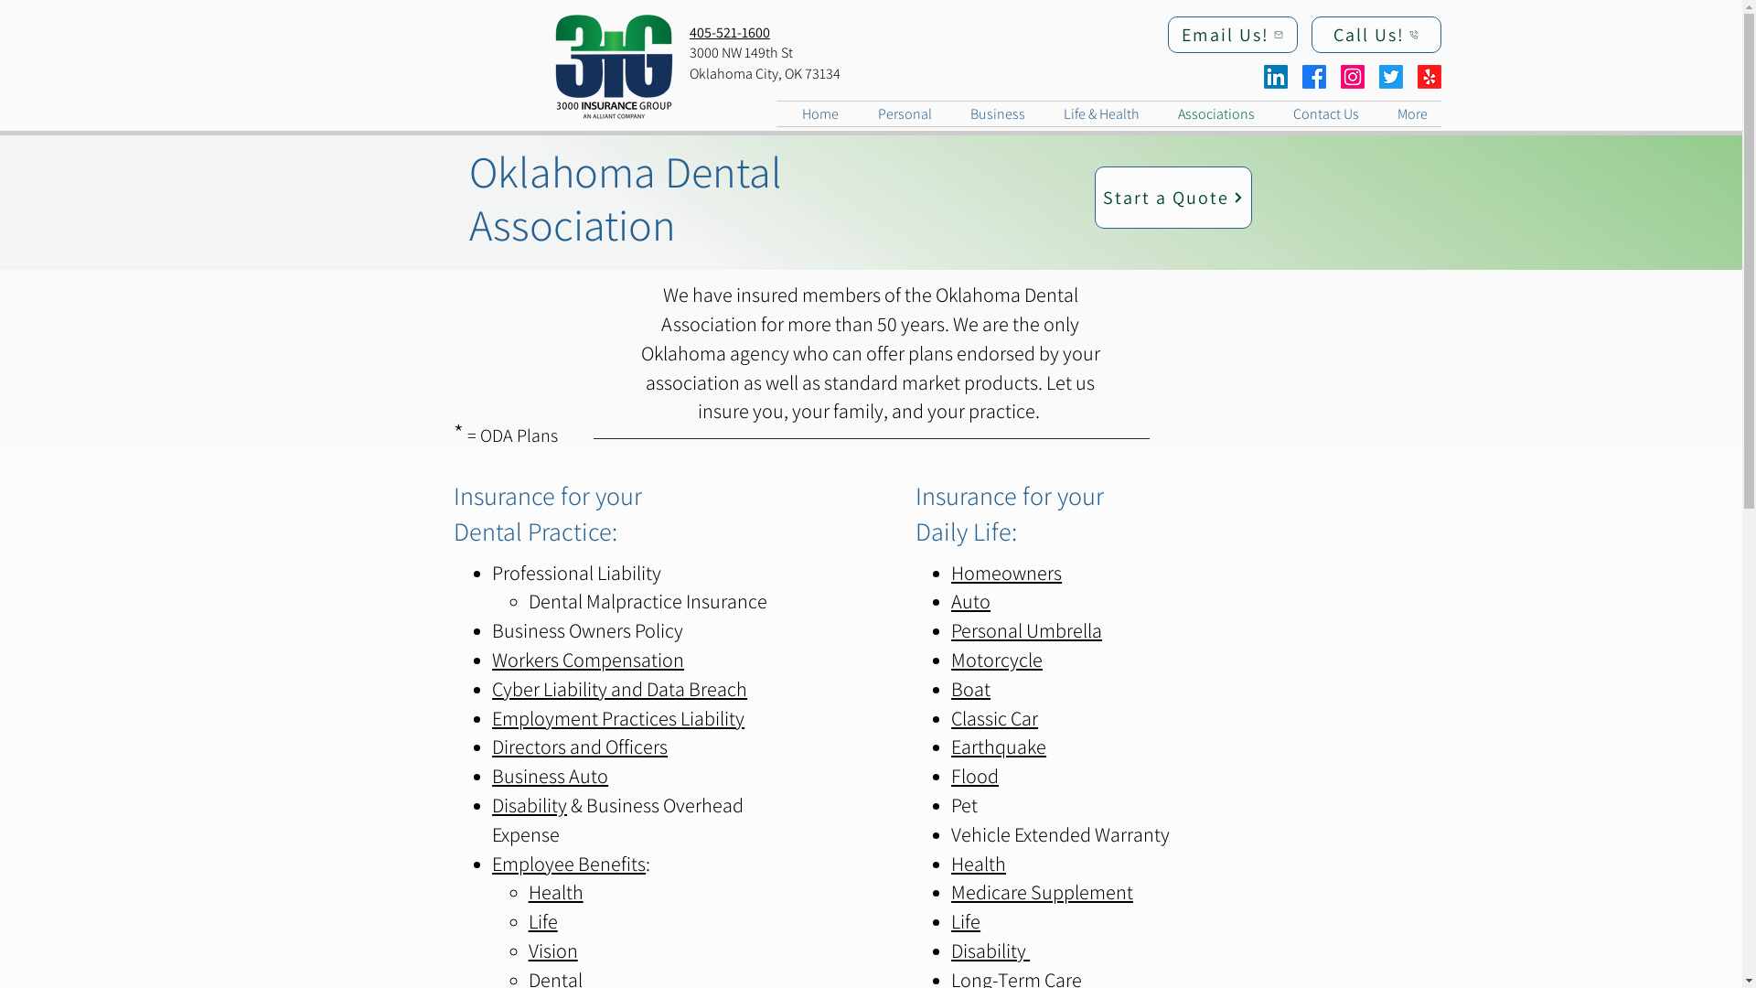 This screenshot has height=988, width=1756. What do you see at coordinates (990, 113) in the screenshot?
I see `'Business'` at bounding box center [990, 113].